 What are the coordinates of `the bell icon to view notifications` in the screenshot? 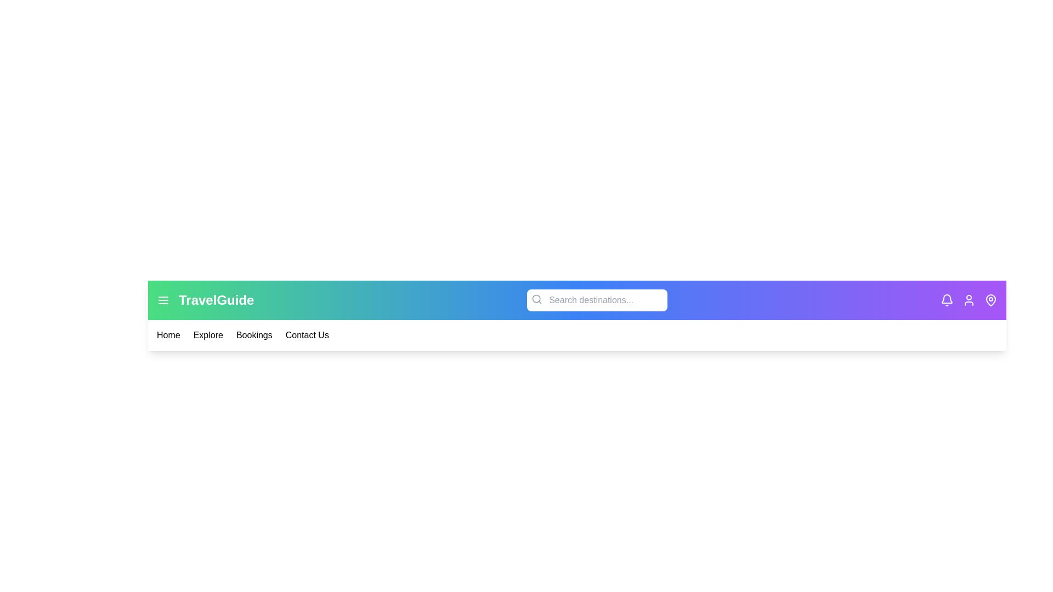 It's located at (947, 300).